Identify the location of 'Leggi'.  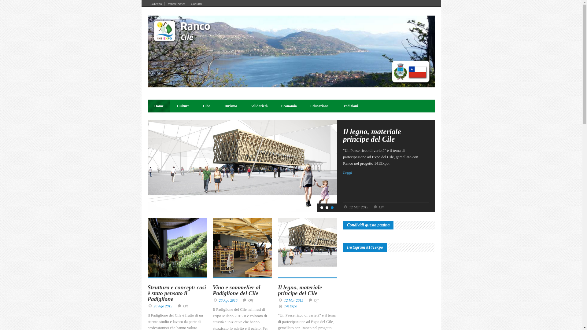
(386, 173).